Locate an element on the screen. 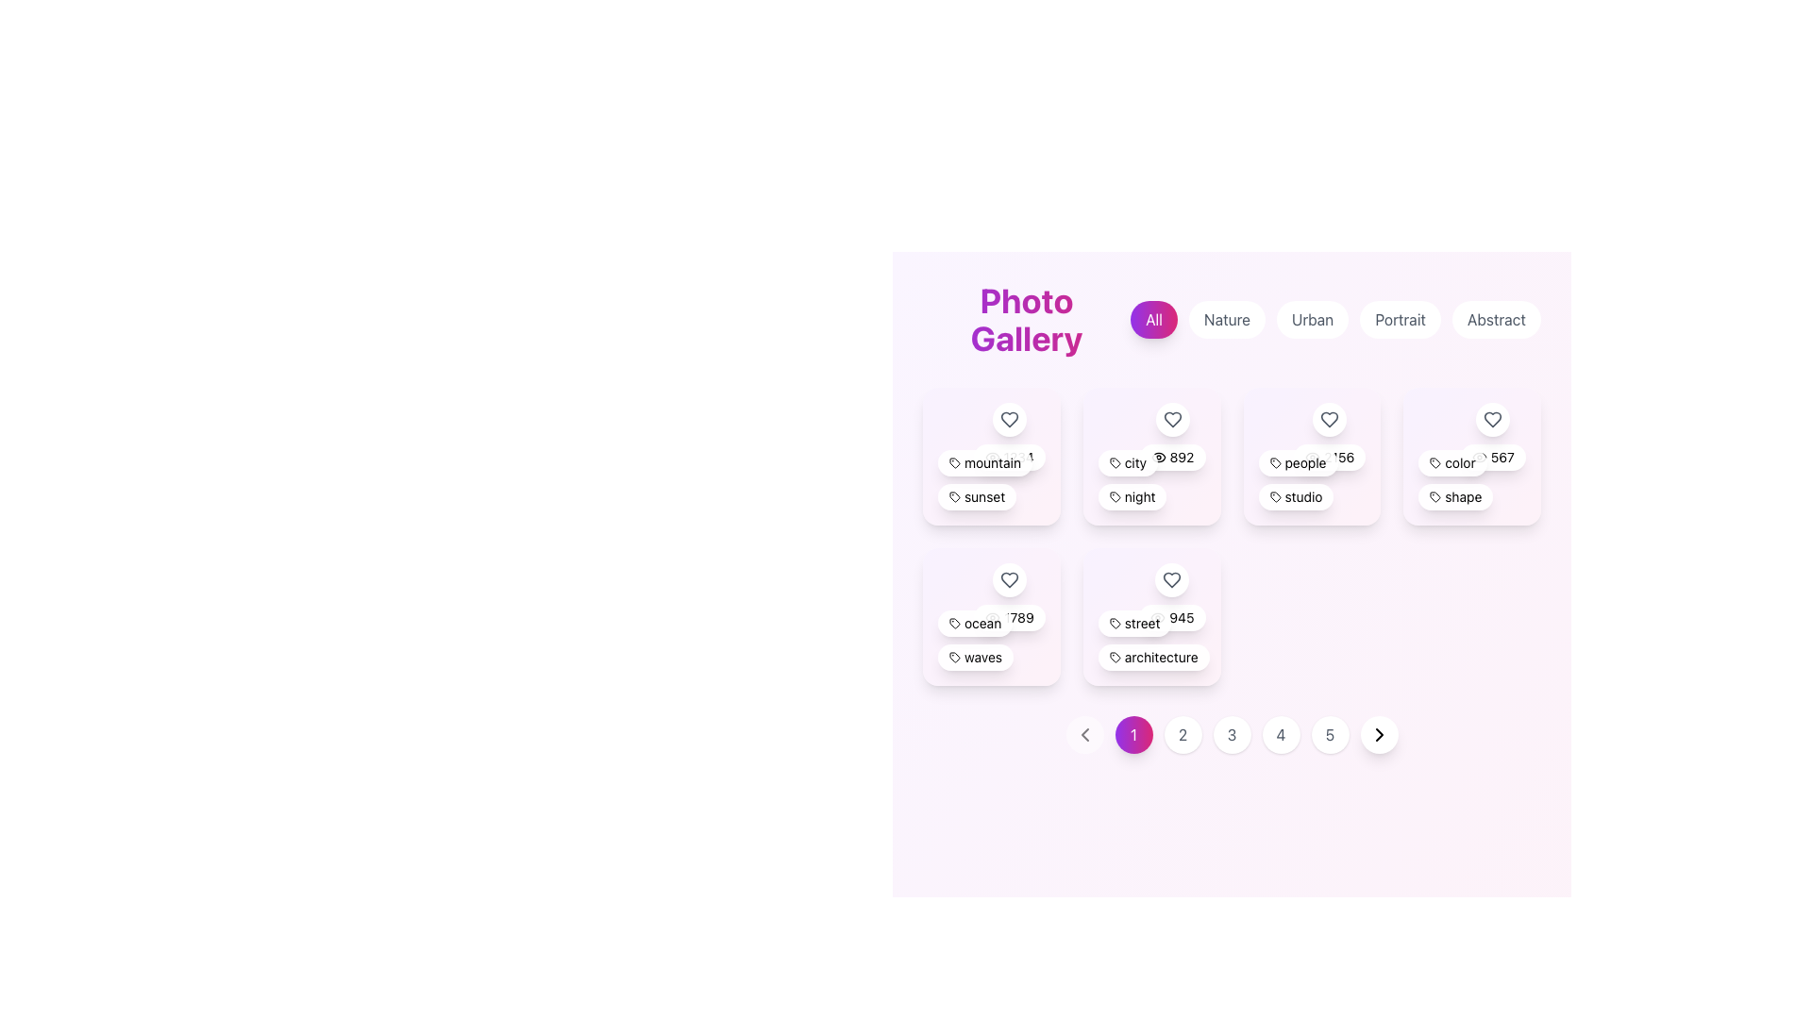 The height and width of the screenshot is (1019, 1812). the heart icon located in the first row, third column of the grid layout to mark an item as a favorite is located at coordinates (1329, 418).